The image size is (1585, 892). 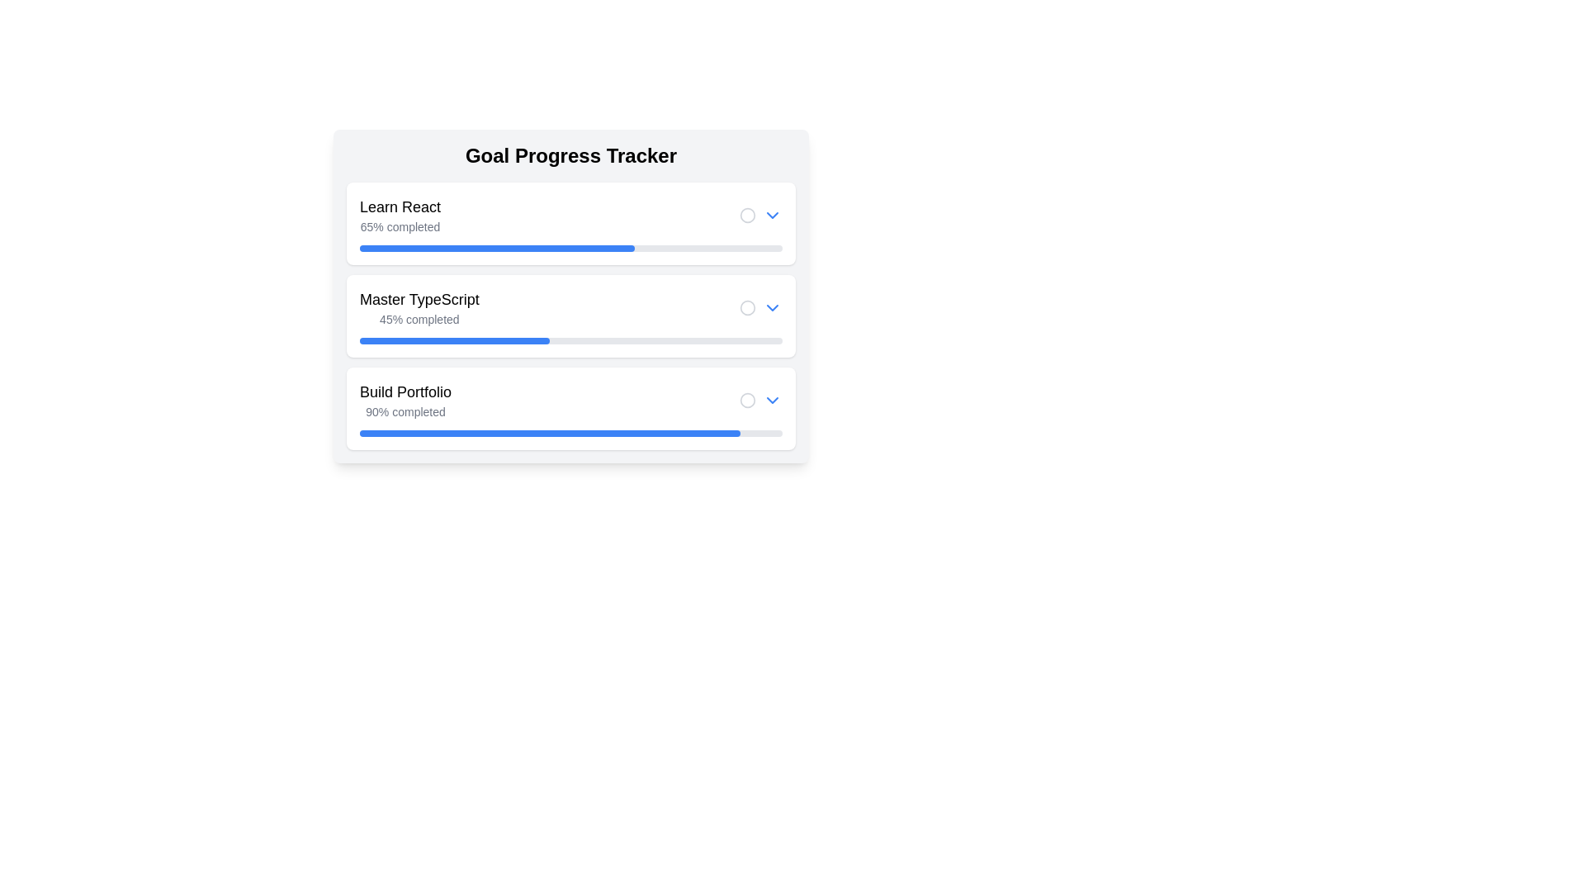 What do you see at coordinates (455, 339) in the screenshot?
I see `the filled segment of the progress bar indicating 45% completion of the 'Master TypeScript' task` at bounding box center [455, 339].